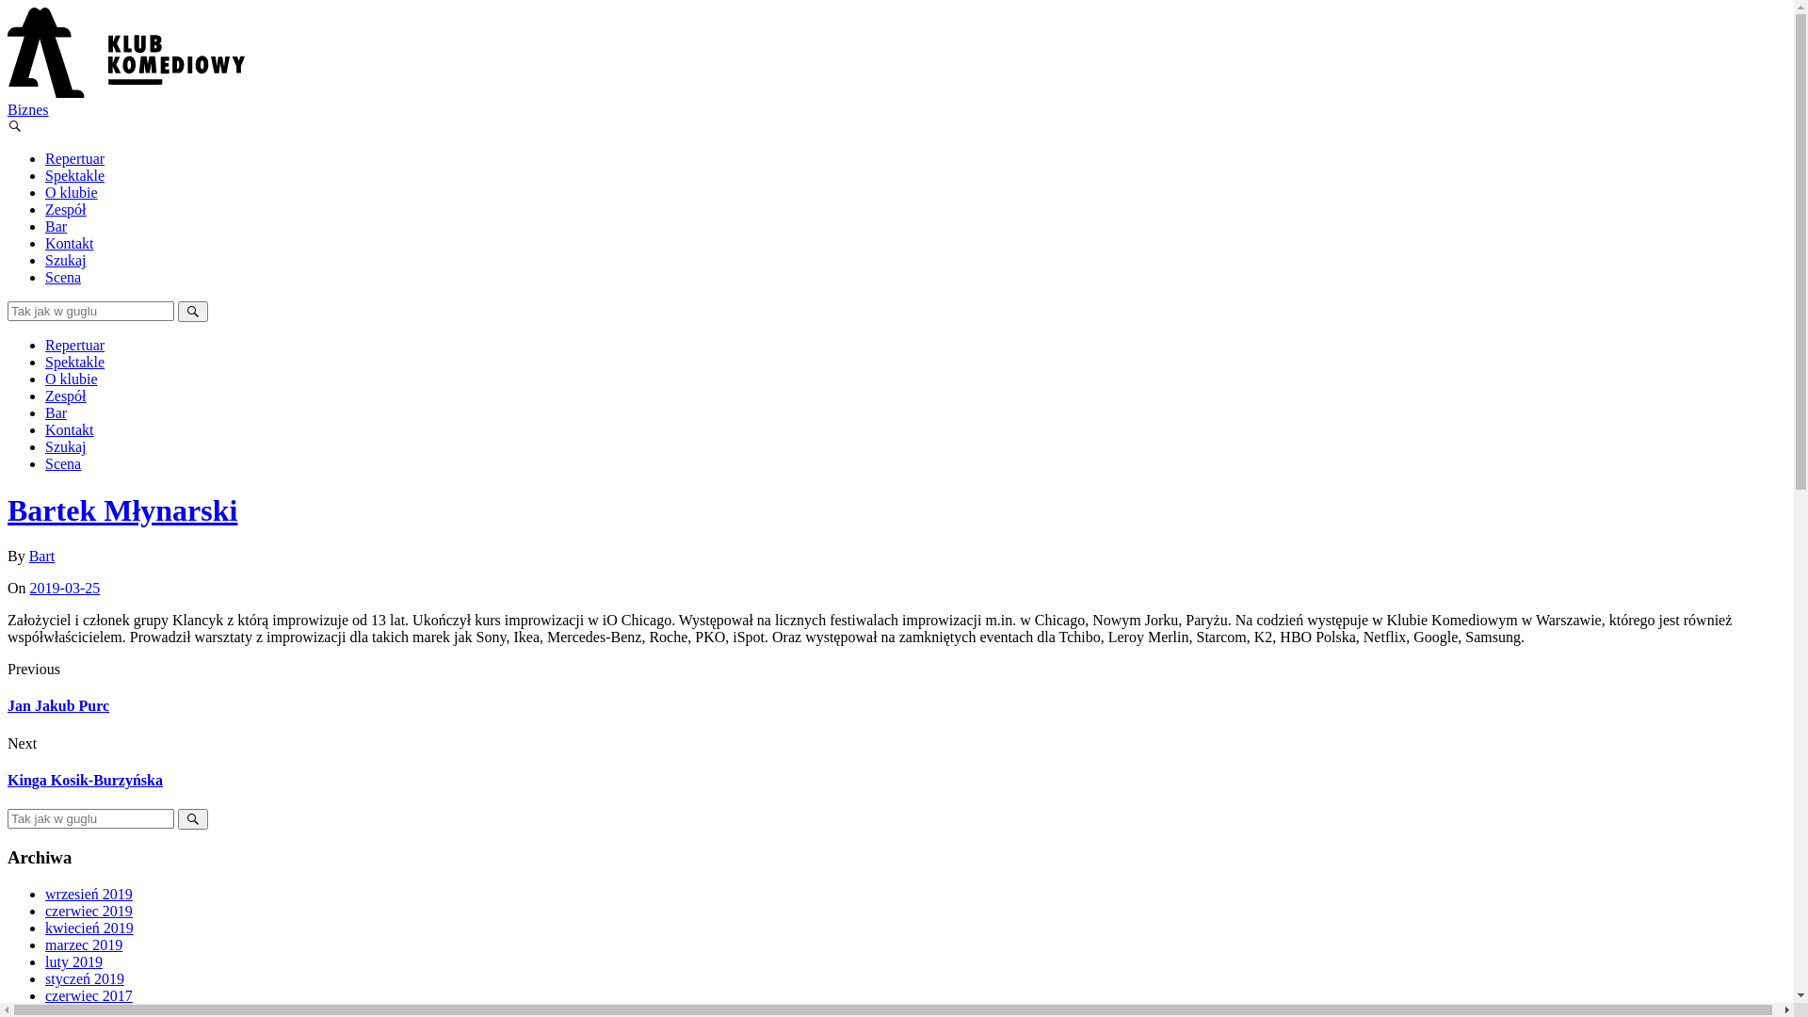  Describe the element at coordinates (27, 109) in the screenshot. I see `'Biznes'` at that location.